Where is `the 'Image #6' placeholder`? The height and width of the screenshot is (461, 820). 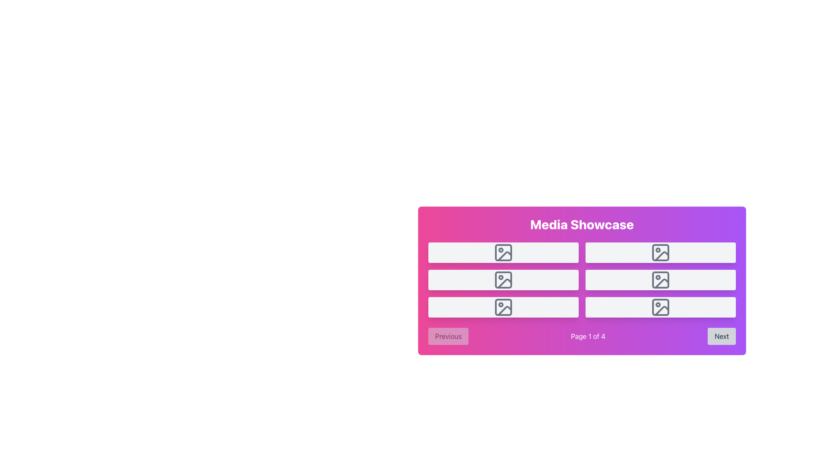
the 'Image #6' placeholder is located at coordinates (660, 307).